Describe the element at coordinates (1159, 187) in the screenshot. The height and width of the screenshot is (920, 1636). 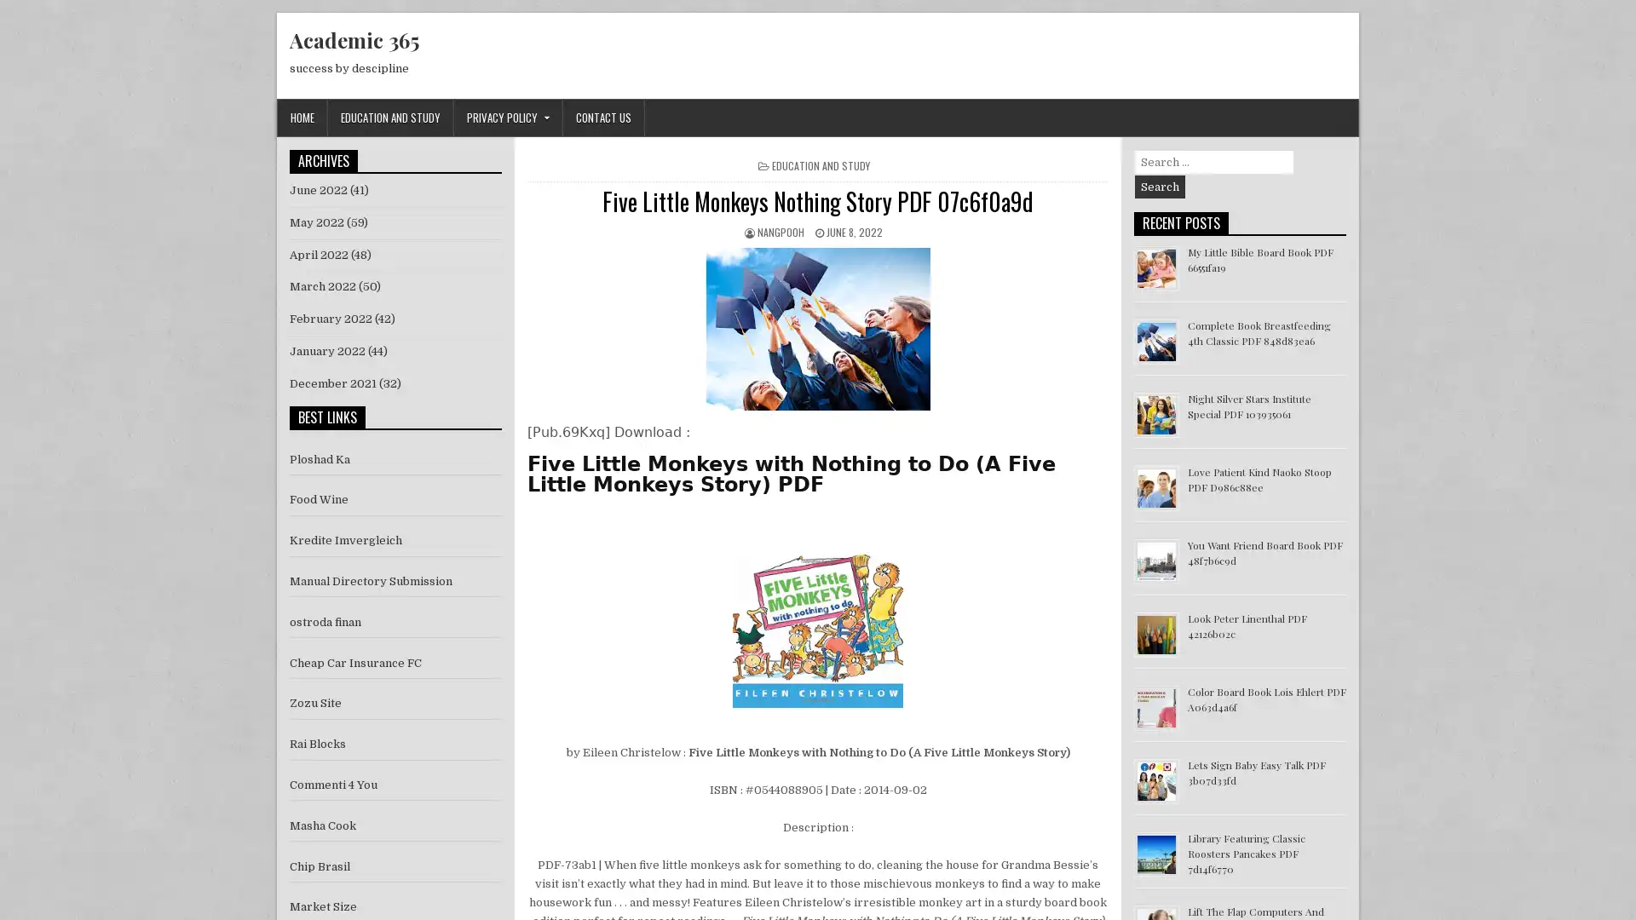
I see `Search` at that location.